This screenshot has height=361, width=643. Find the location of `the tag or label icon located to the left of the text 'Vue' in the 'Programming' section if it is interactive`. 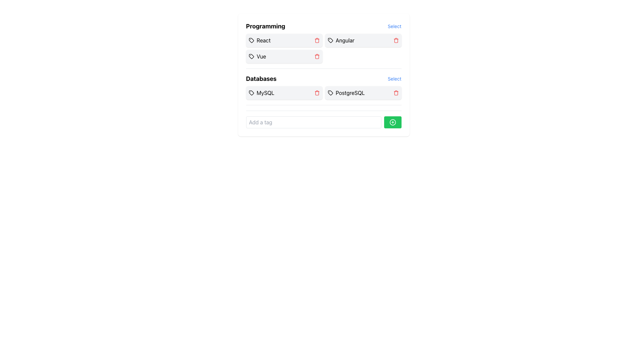

the tag or label icon located to the left of the text 'Vue' in the 'Programming' section if it is interactive is located at coordinates (251, 56).